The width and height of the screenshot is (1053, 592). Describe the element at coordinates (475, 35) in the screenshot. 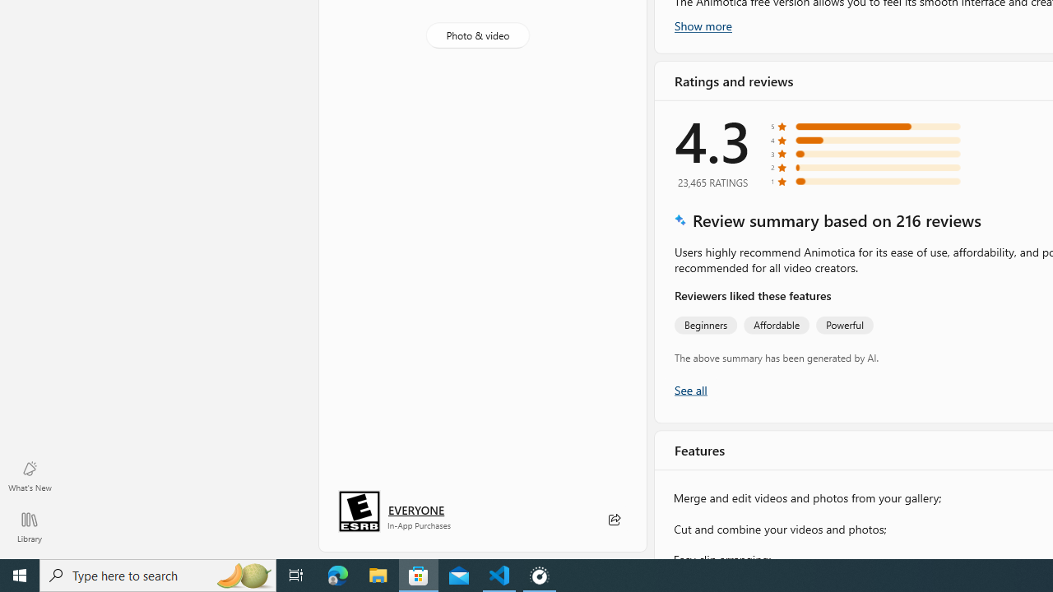

I see `'Photo & video'` at that location.